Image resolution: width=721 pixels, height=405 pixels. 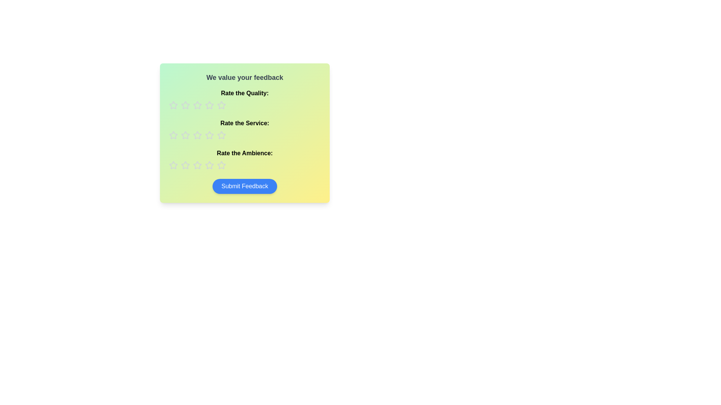 What do you see at coordinates (245, 123) in the screenshot?
I see `the static text label reading 'Rate the Service:' which is styled in bold and positioned in a feedback form between two star rating components` at bounding box center [245, 123].